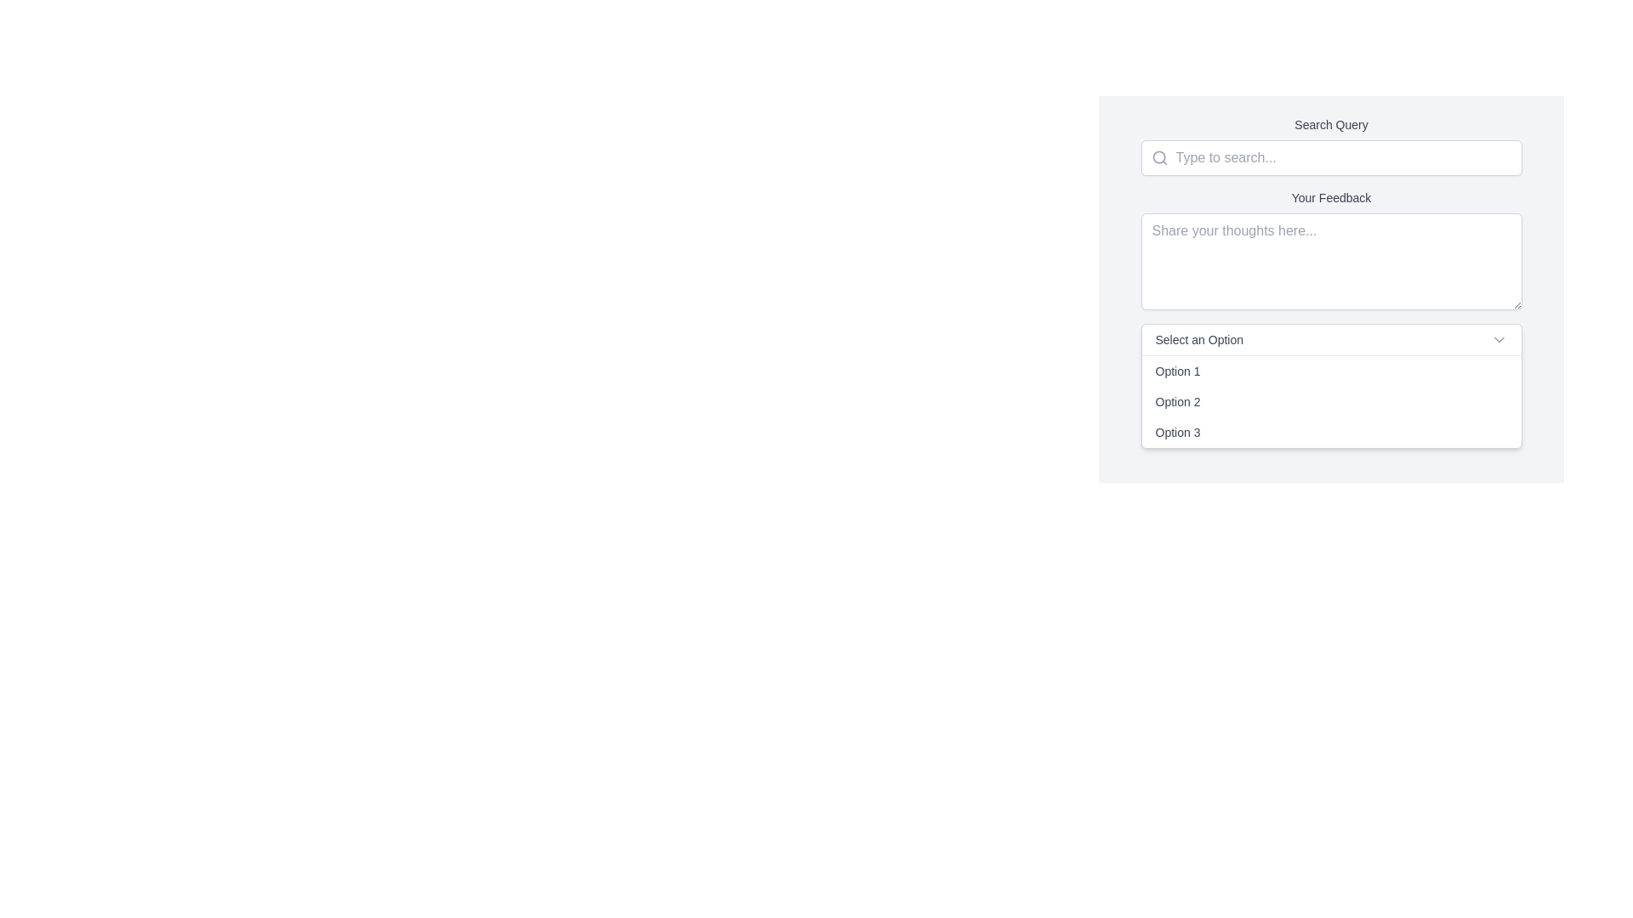  What do you see at coordinates (1499, 340) in the screenshot?
I see `the dropdown toggle button located in the top-right corner of the 'Select an Option' section` at bounding box center [1499, 340].